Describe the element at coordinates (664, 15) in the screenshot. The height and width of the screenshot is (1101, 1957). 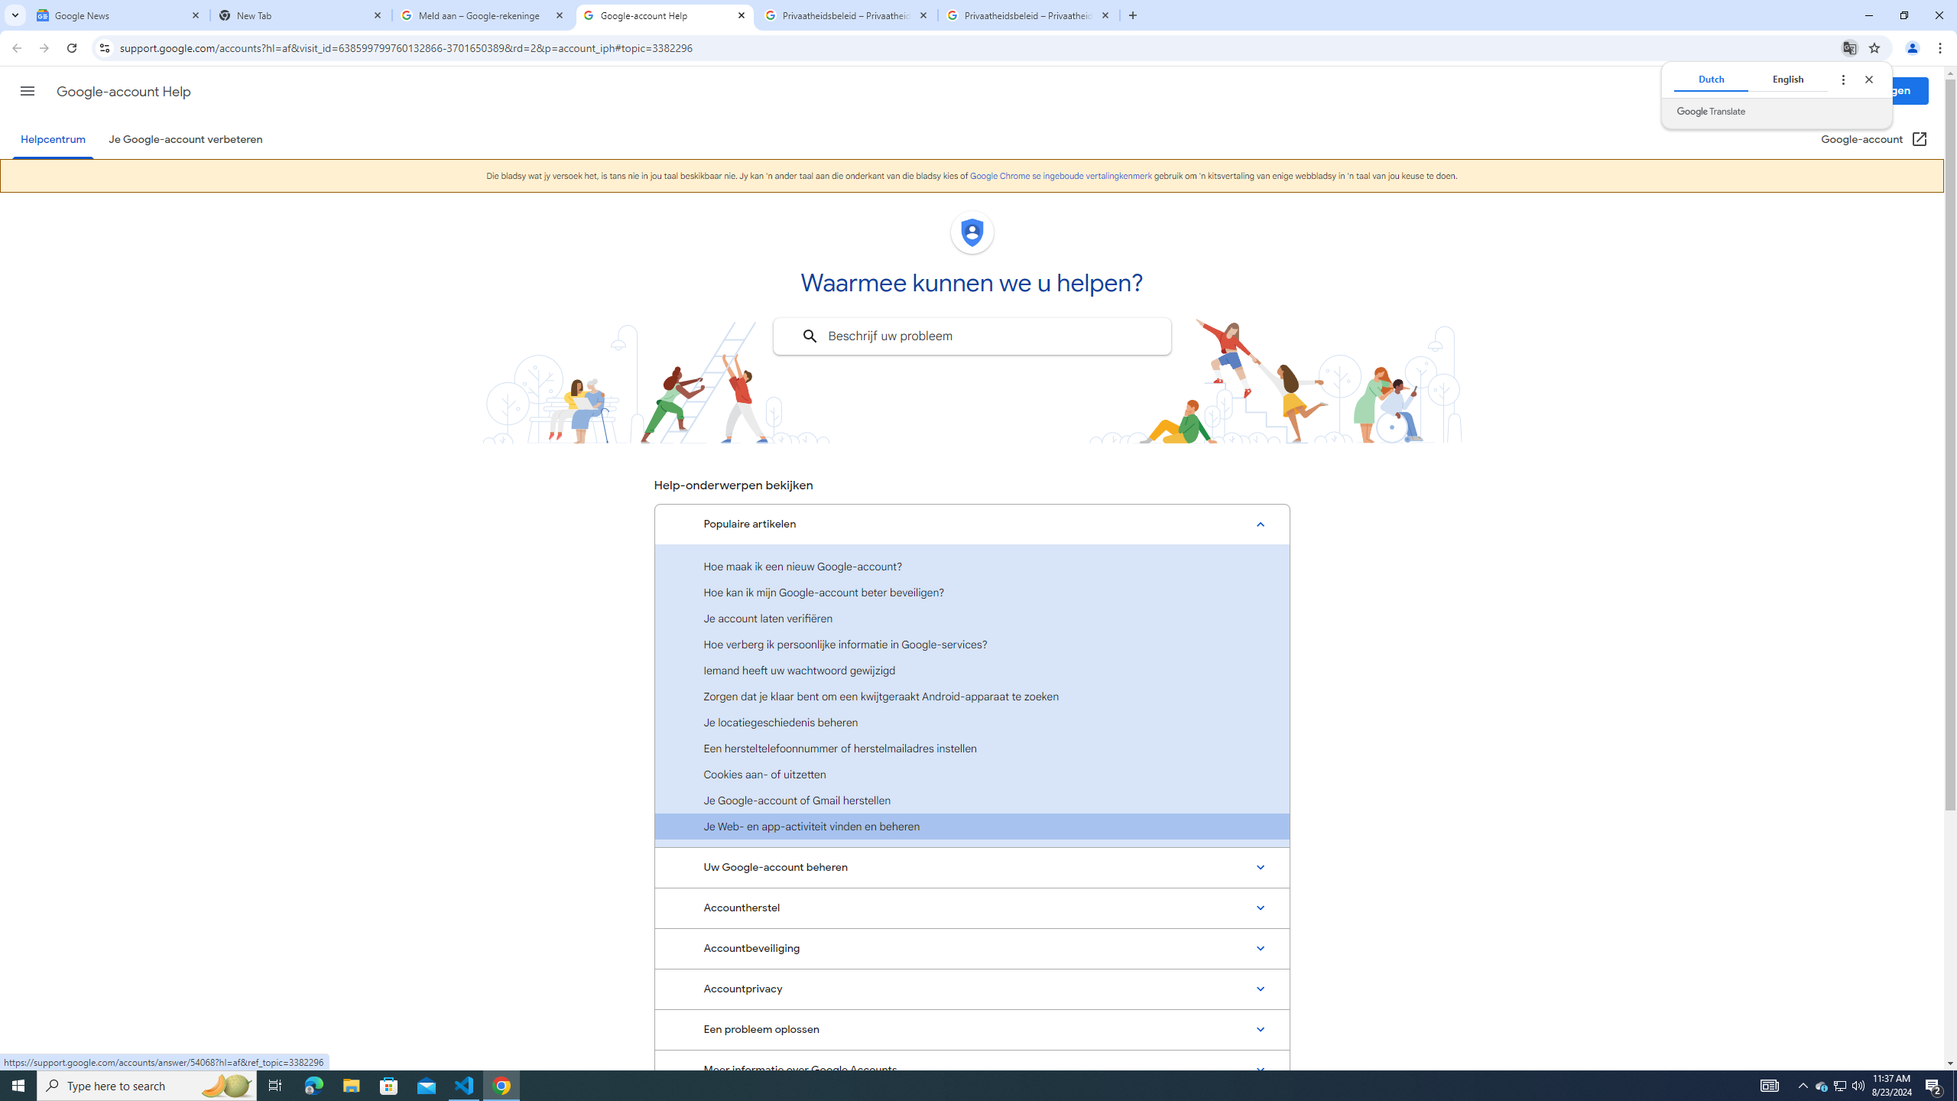
I see `'Google-account Help'` at that location.